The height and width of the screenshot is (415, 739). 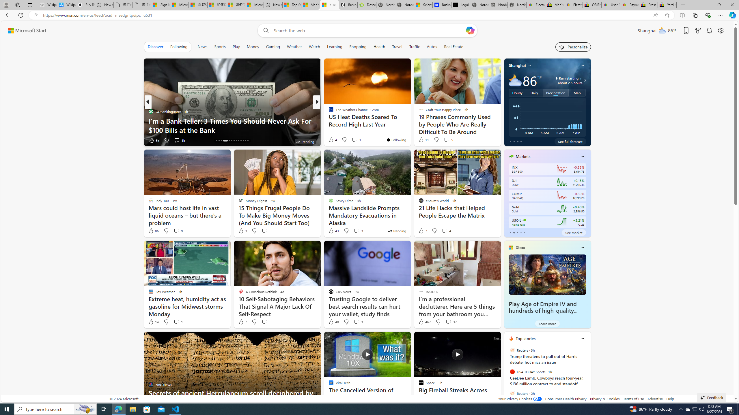 What do you see at coordinates (517, 93) in the screenshot?
I see `'Hourly'` at bounding box center [517, 93].